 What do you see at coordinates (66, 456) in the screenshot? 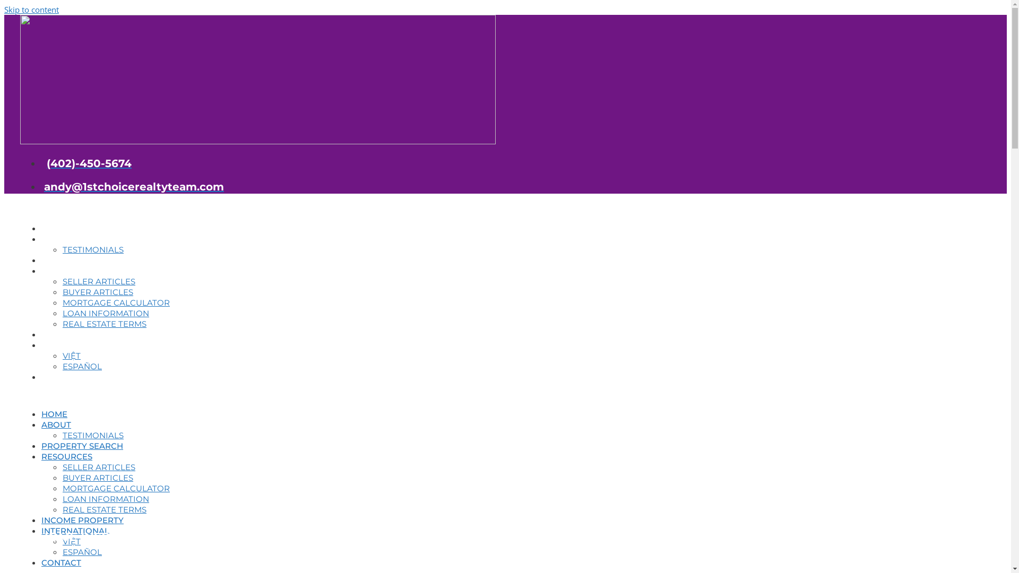
I see `'RESOURCES'` at bounding box center [66, 456].